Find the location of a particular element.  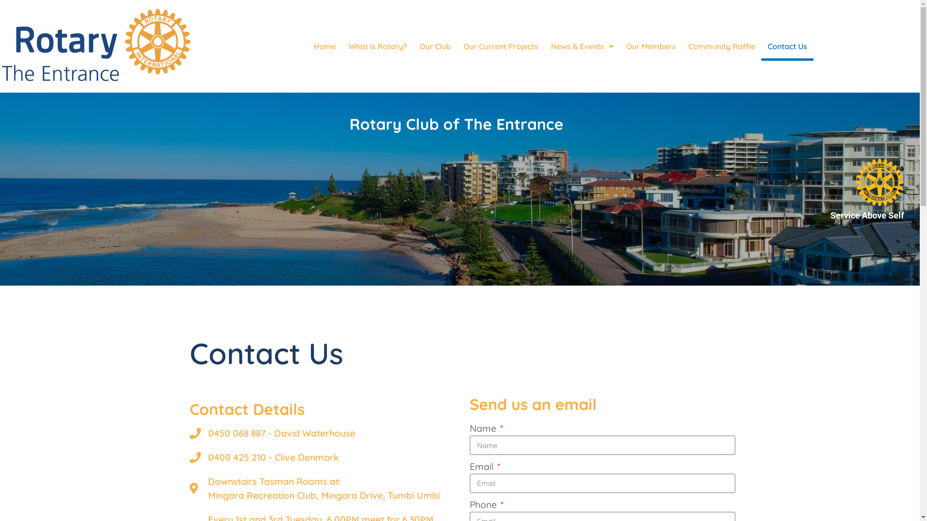

'Community Raffle' is located at coordinates (721, 46).